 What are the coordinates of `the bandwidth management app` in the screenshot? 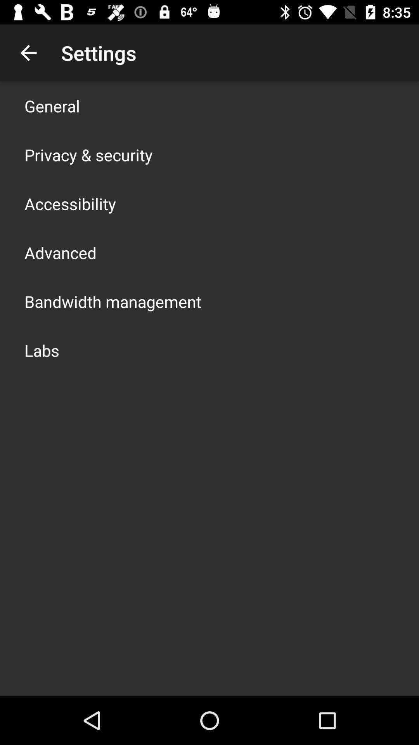 It's located at (113, 301).